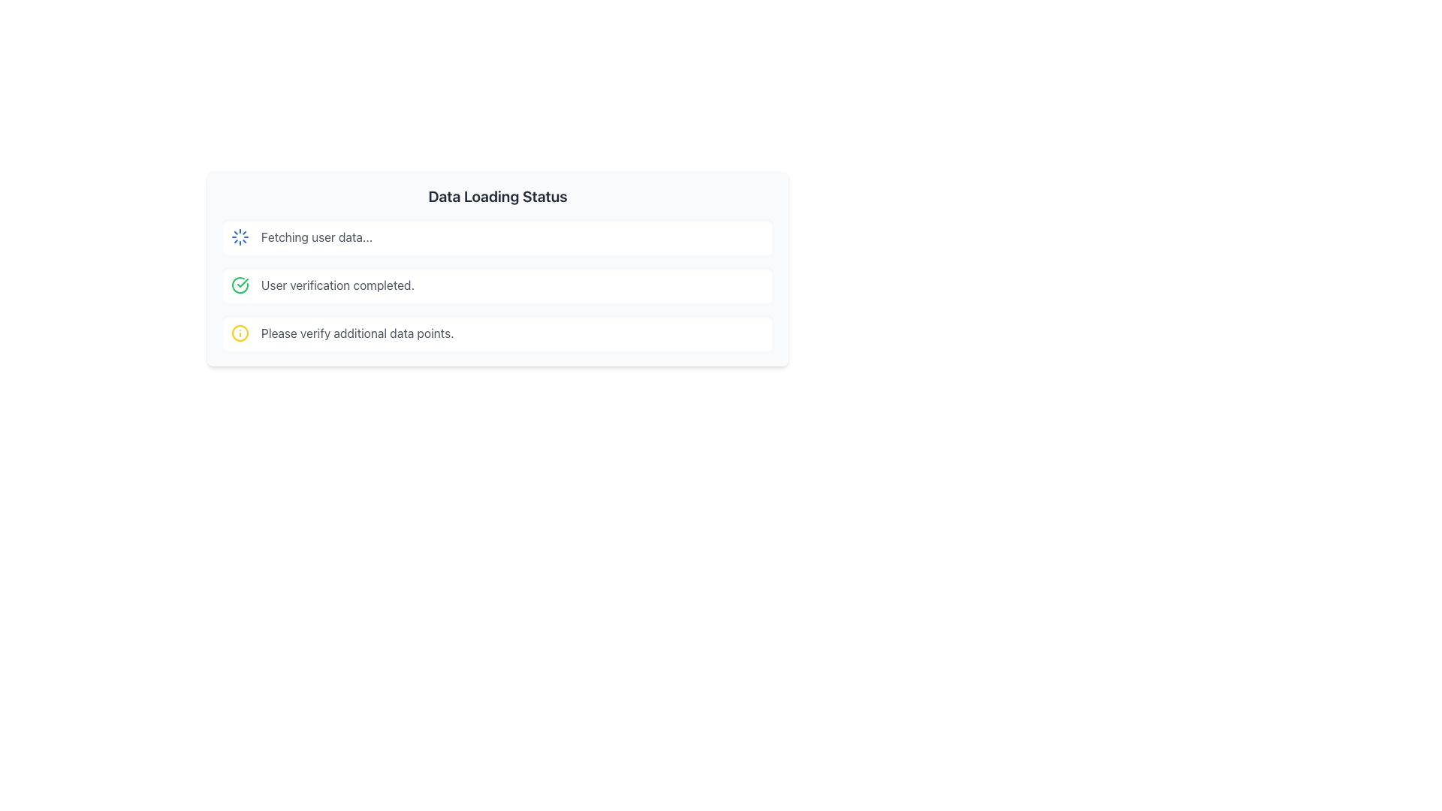 The width and height of the screenshot is (1442, 811). Describe the element at coordinates (240, 332) in the screenshot. I see `the yellow SVG Circle Shape element that is part of the warning icon in the 'Please verify additional data points' row of the Data Loading Status area` at that location.